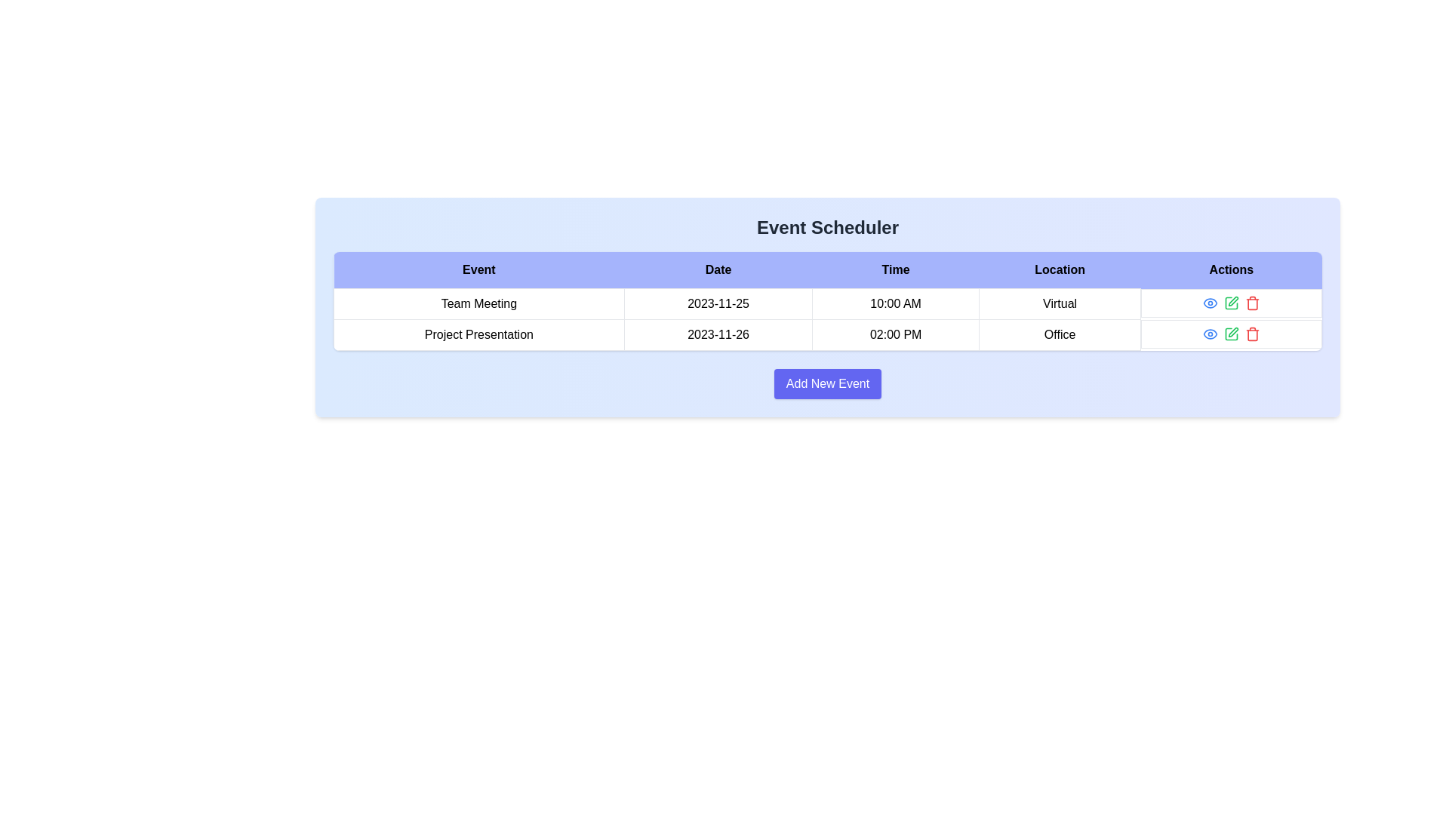 Image resolution: width=1449 pixels, height=815 pixels. What do you see at coordinates (827, 383) in the screenshot?
I see `the 'Add New Event' button, which is a rectangular button with a vivid indigo background and white text, located below the events table` at bounding box center [827, 383].